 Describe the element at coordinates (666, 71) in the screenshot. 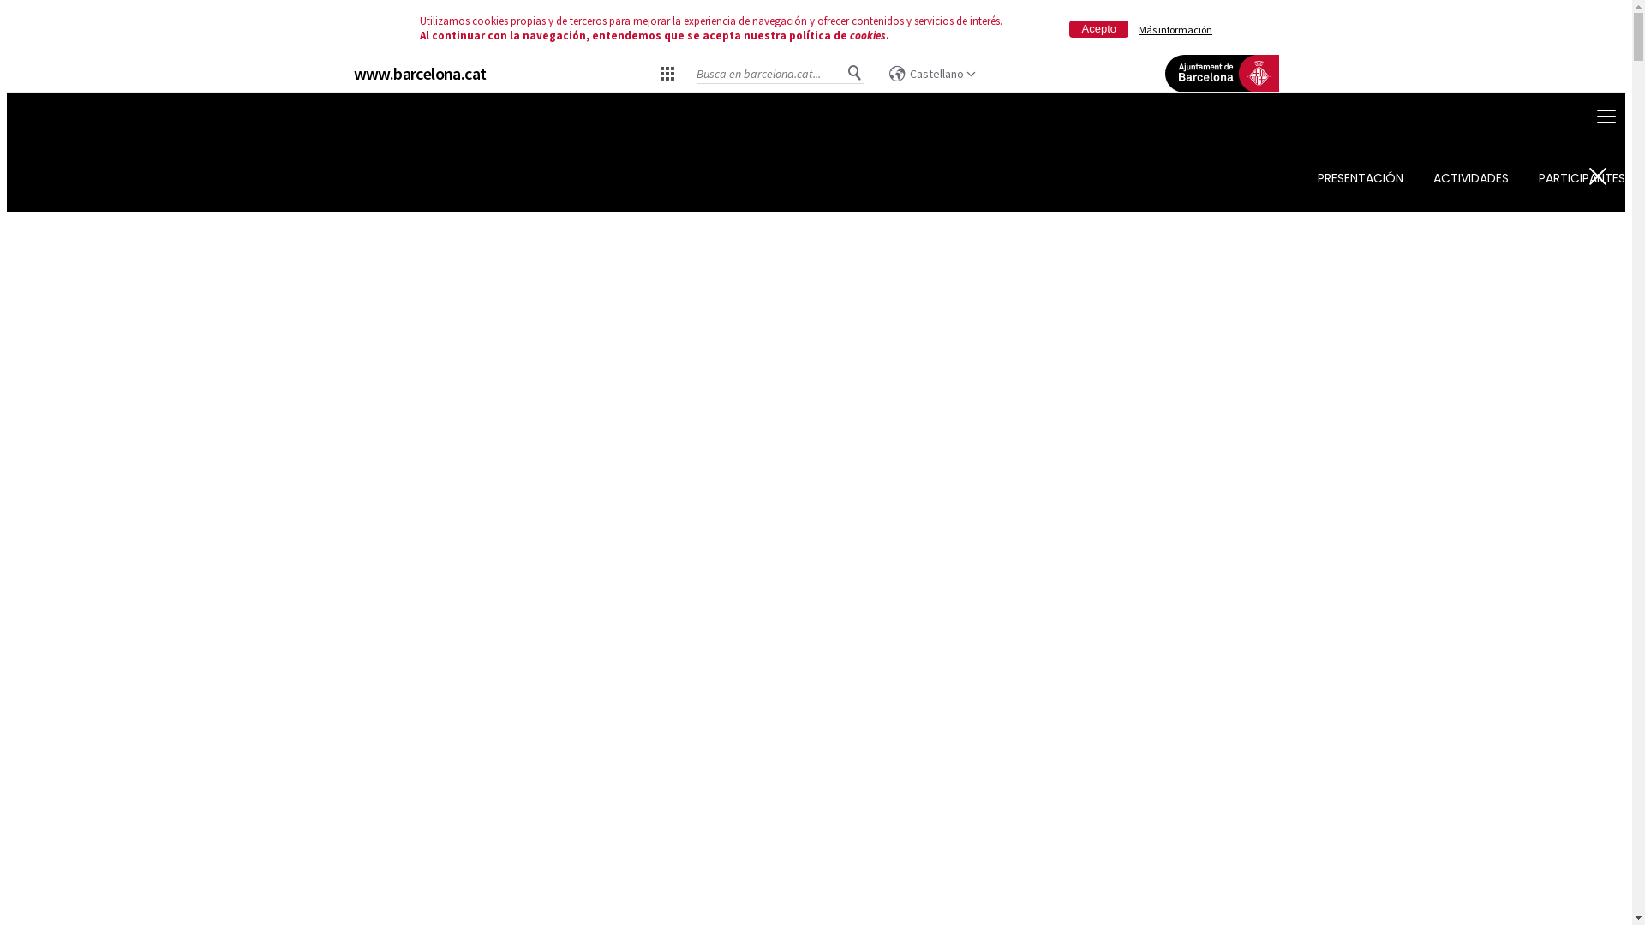

I see `'Atajos de barcelona.cat'` at that location.